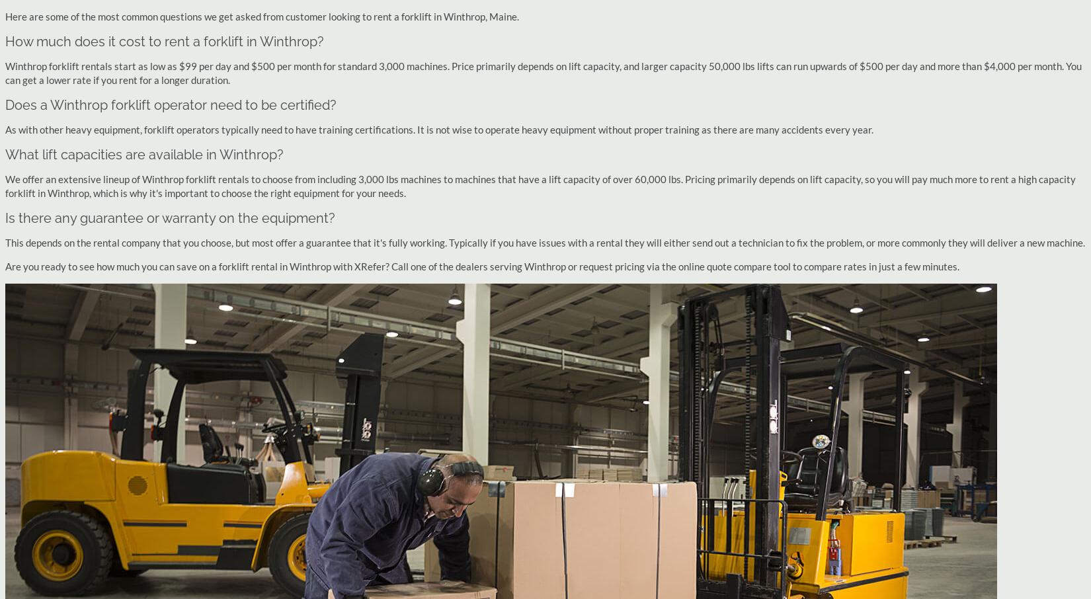  I want to click on 'This depends on the rental company that you choose, but most offer a guarantee that it's fully working. Typically if you have issues with a rental they will either send out a technician to fix the problem, or more commonly they will deliver a new machine.', so click(5, 242).